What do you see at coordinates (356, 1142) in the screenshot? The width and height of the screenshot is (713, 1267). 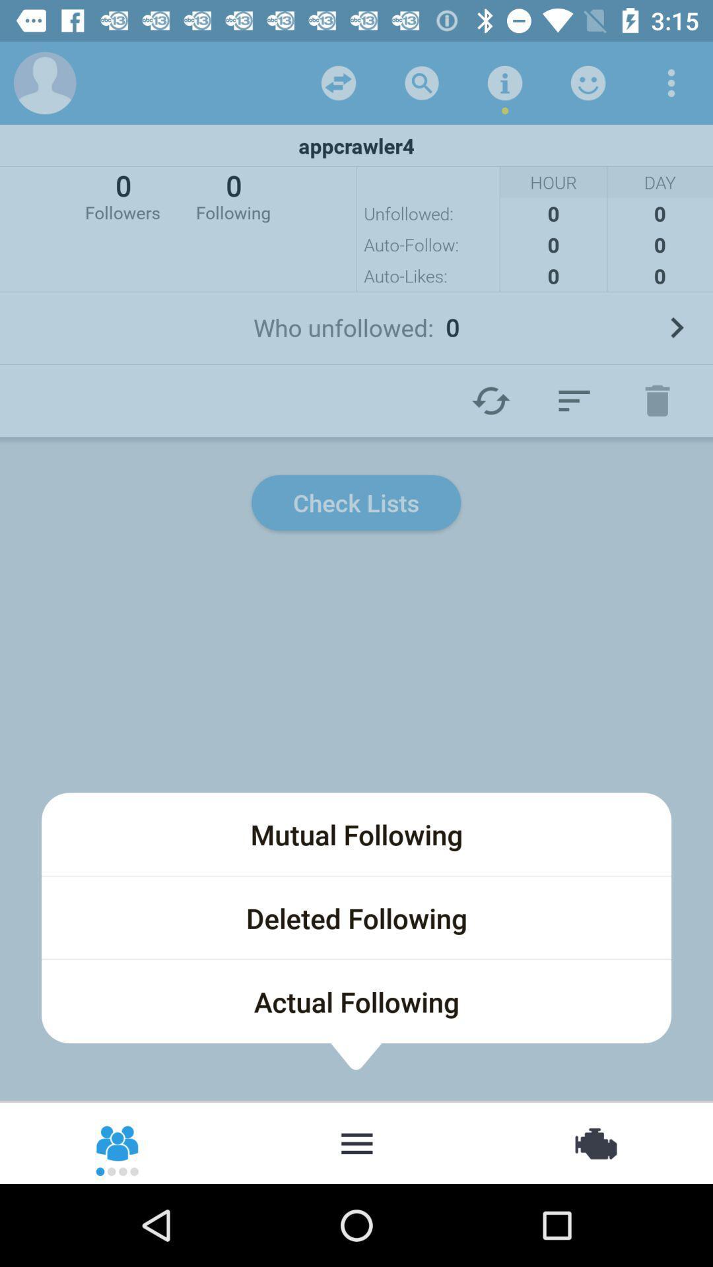 I see `display menu` at bounding box center [356, 1142].